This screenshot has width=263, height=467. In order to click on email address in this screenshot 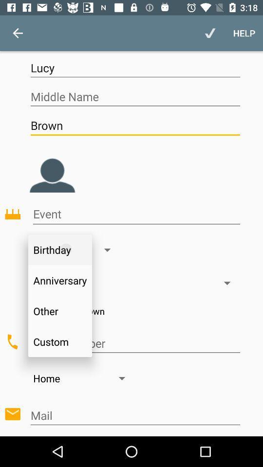, I will do `click(134, 415)`.